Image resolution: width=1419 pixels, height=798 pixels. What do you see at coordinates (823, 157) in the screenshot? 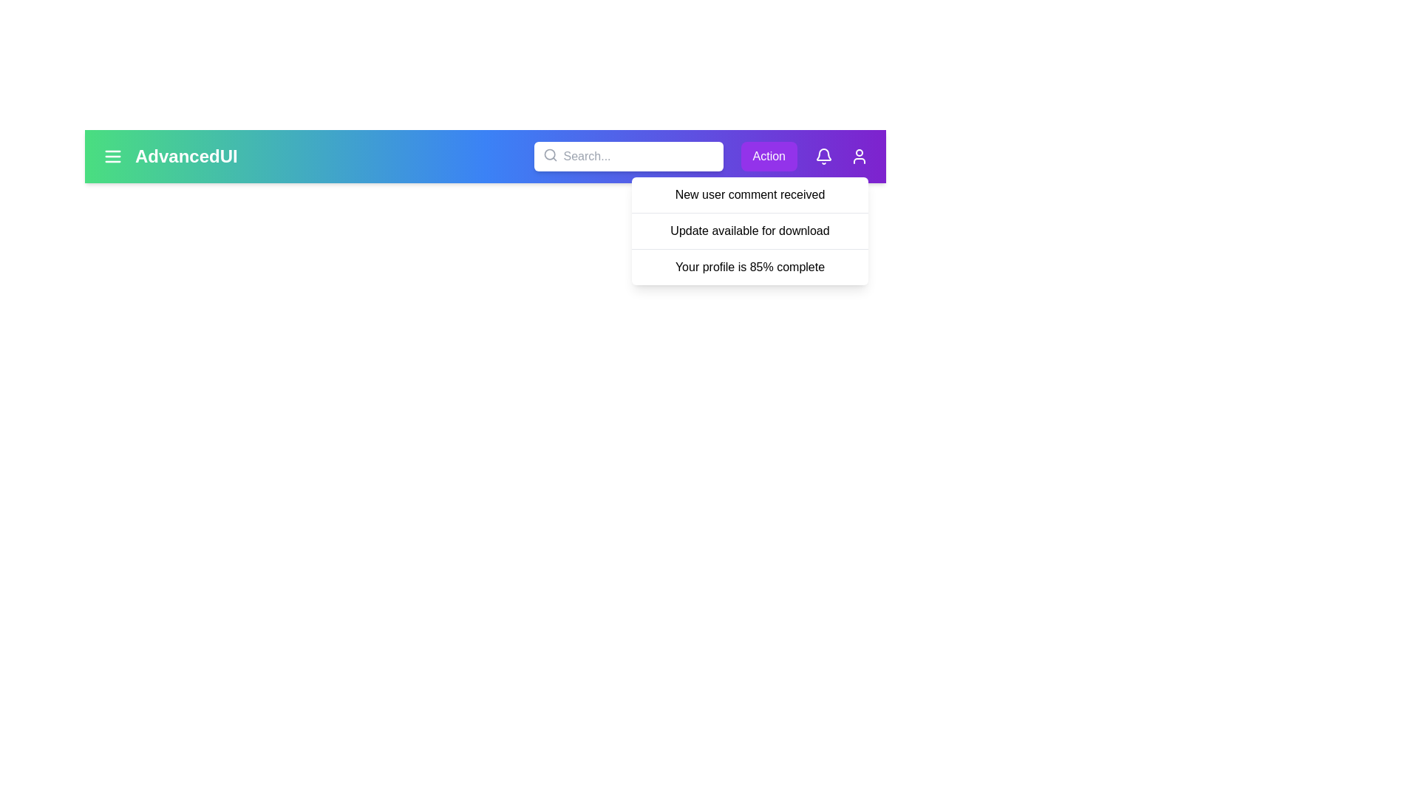
I see `the bell icon to toggle the visibility of the notifications` at bounding box center [823, 157].